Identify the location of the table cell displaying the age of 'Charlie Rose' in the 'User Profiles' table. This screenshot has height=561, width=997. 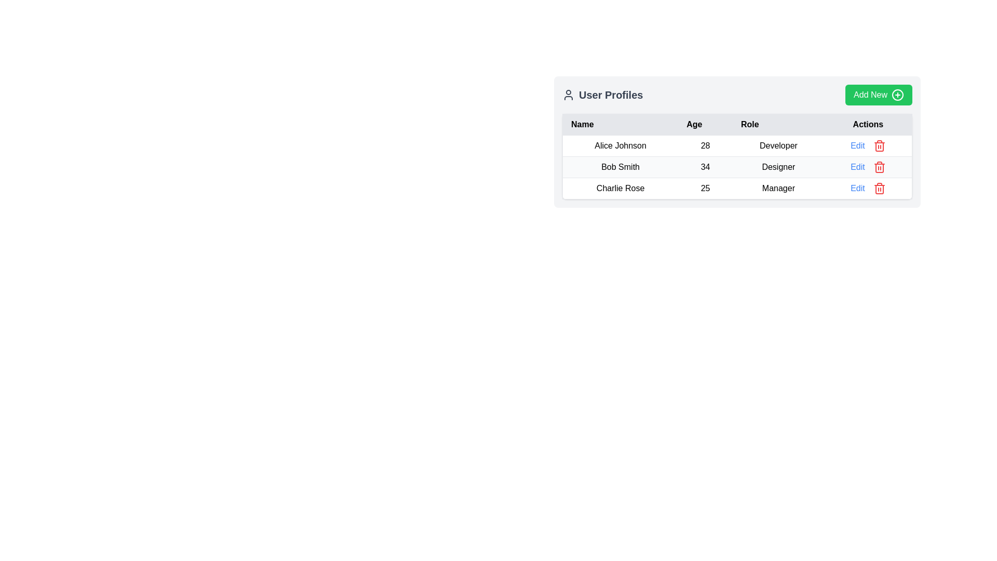
(705, 188).